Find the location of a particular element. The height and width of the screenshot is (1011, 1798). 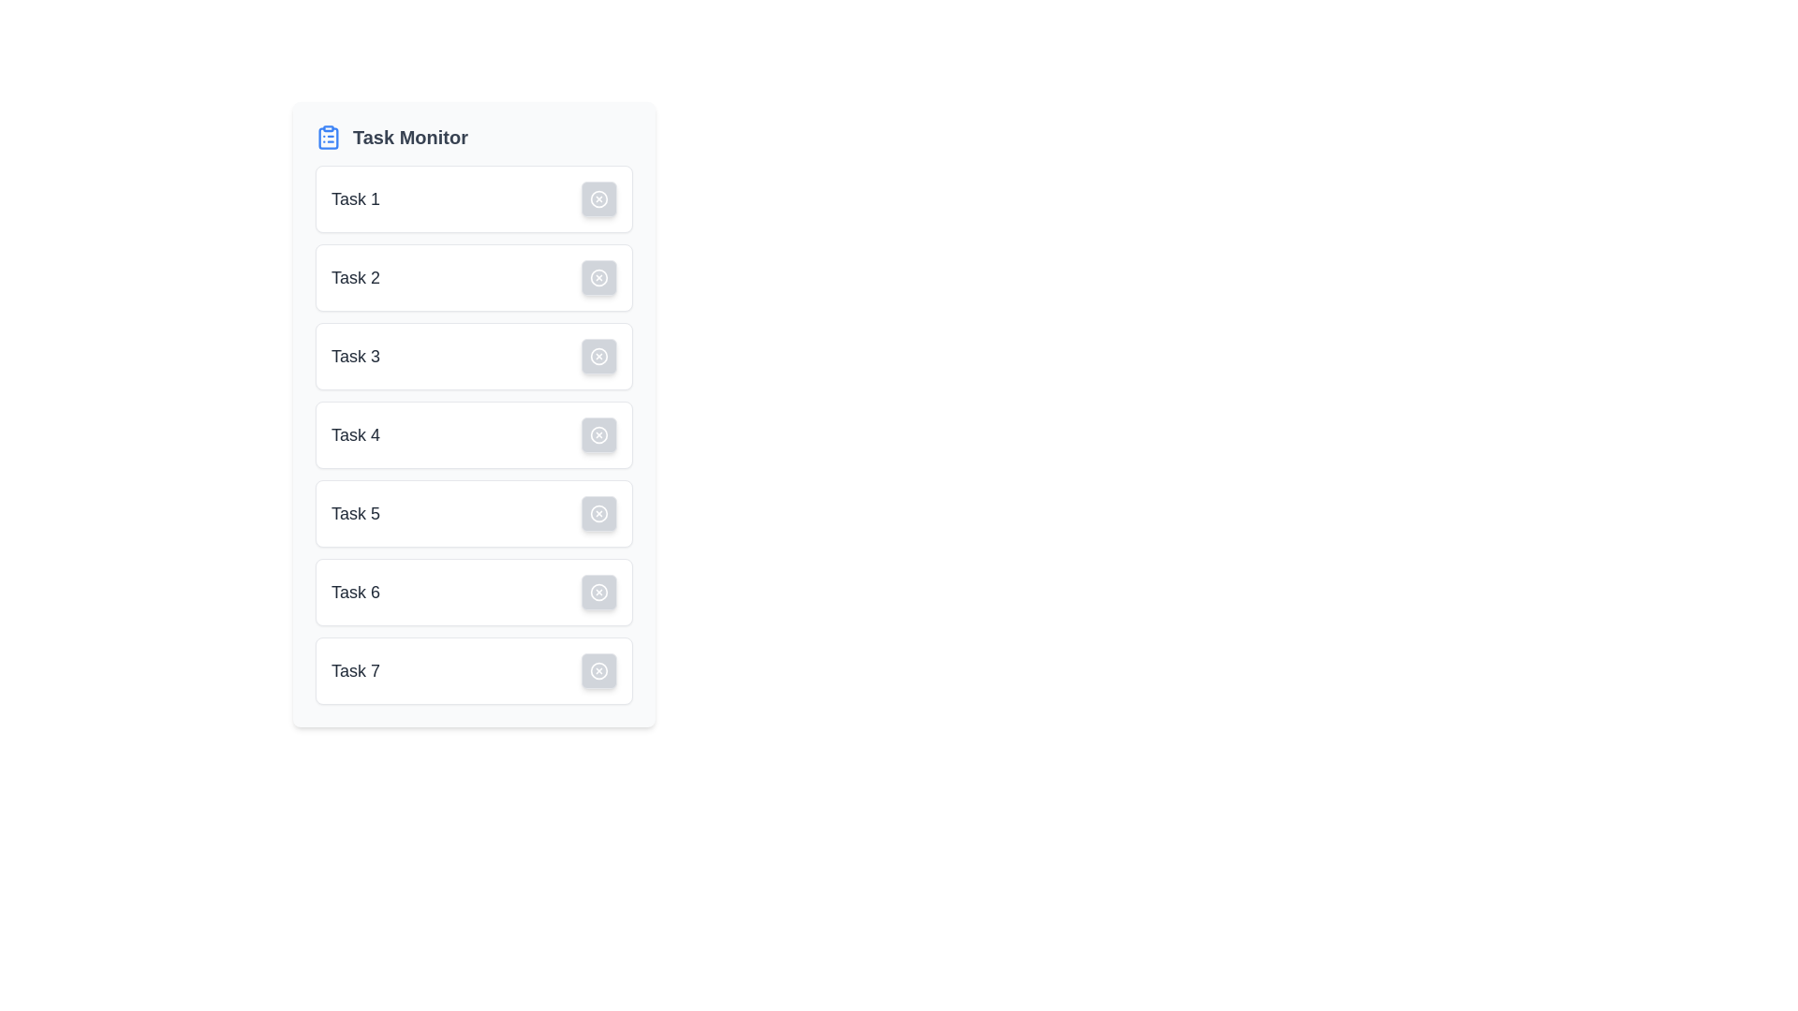

the circular icon/graphical button representing Task 6 at the end of the task list panel is located at coordinates (597, 592).